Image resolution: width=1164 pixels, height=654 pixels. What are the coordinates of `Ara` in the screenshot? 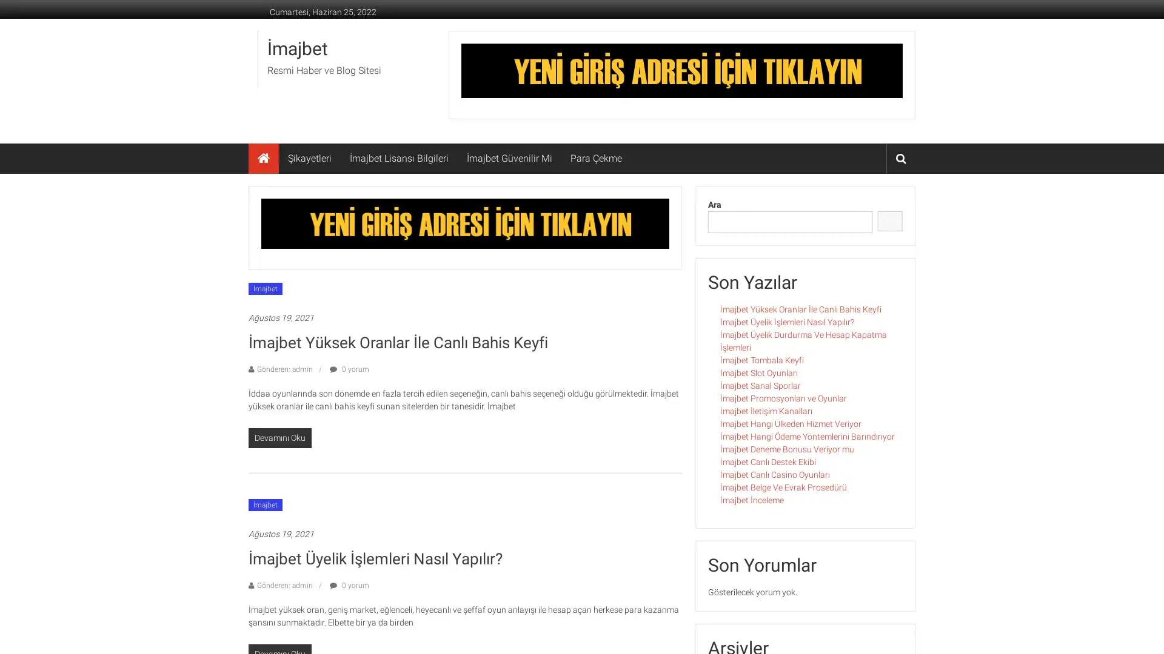 It's located at (890, 221).